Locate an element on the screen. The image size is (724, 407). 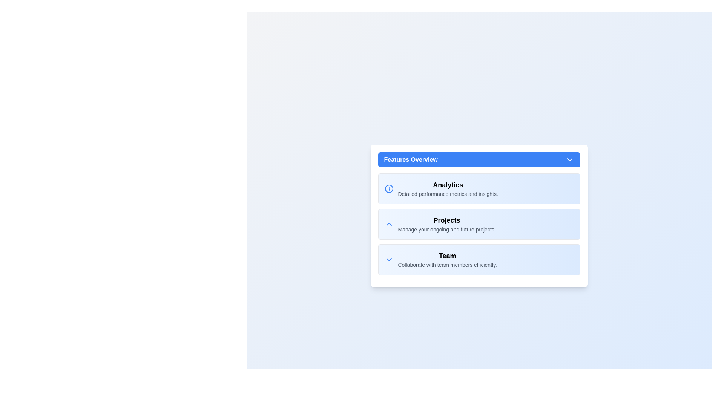
header text labeled 'Analytics' located centrally in the 'Features Overview' section, which serves as a title for the content below it is located at coordinates (448, 185).